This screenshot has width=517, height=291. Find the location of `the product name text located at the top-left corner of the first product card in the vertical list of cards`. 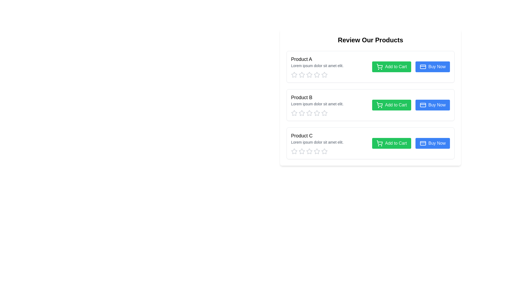

the product name text located at the top-left corner of the first product card in the vertical list of cards is located at coordinates (301, 59).